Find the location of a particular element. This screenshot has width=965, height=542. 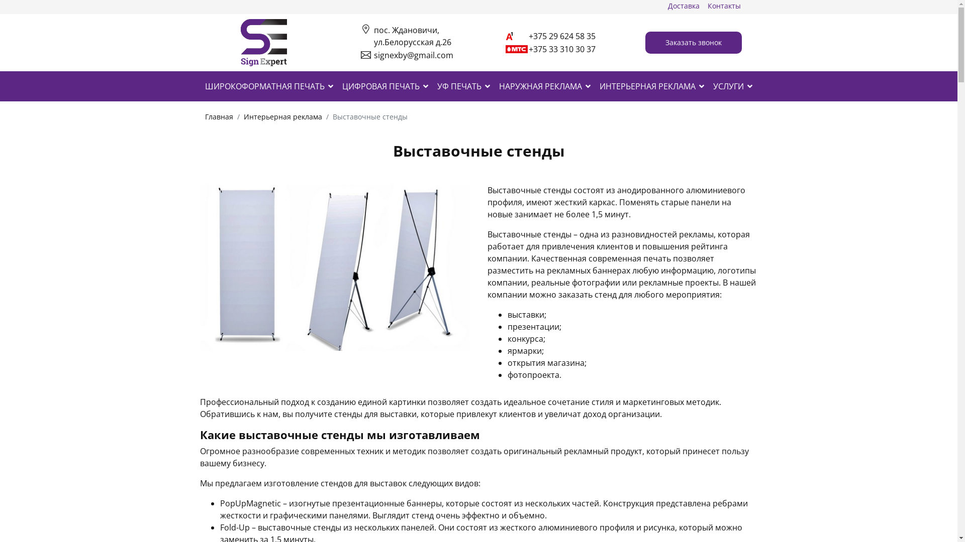

'signexby@gmail.com' is located at coordinates (413, 55).